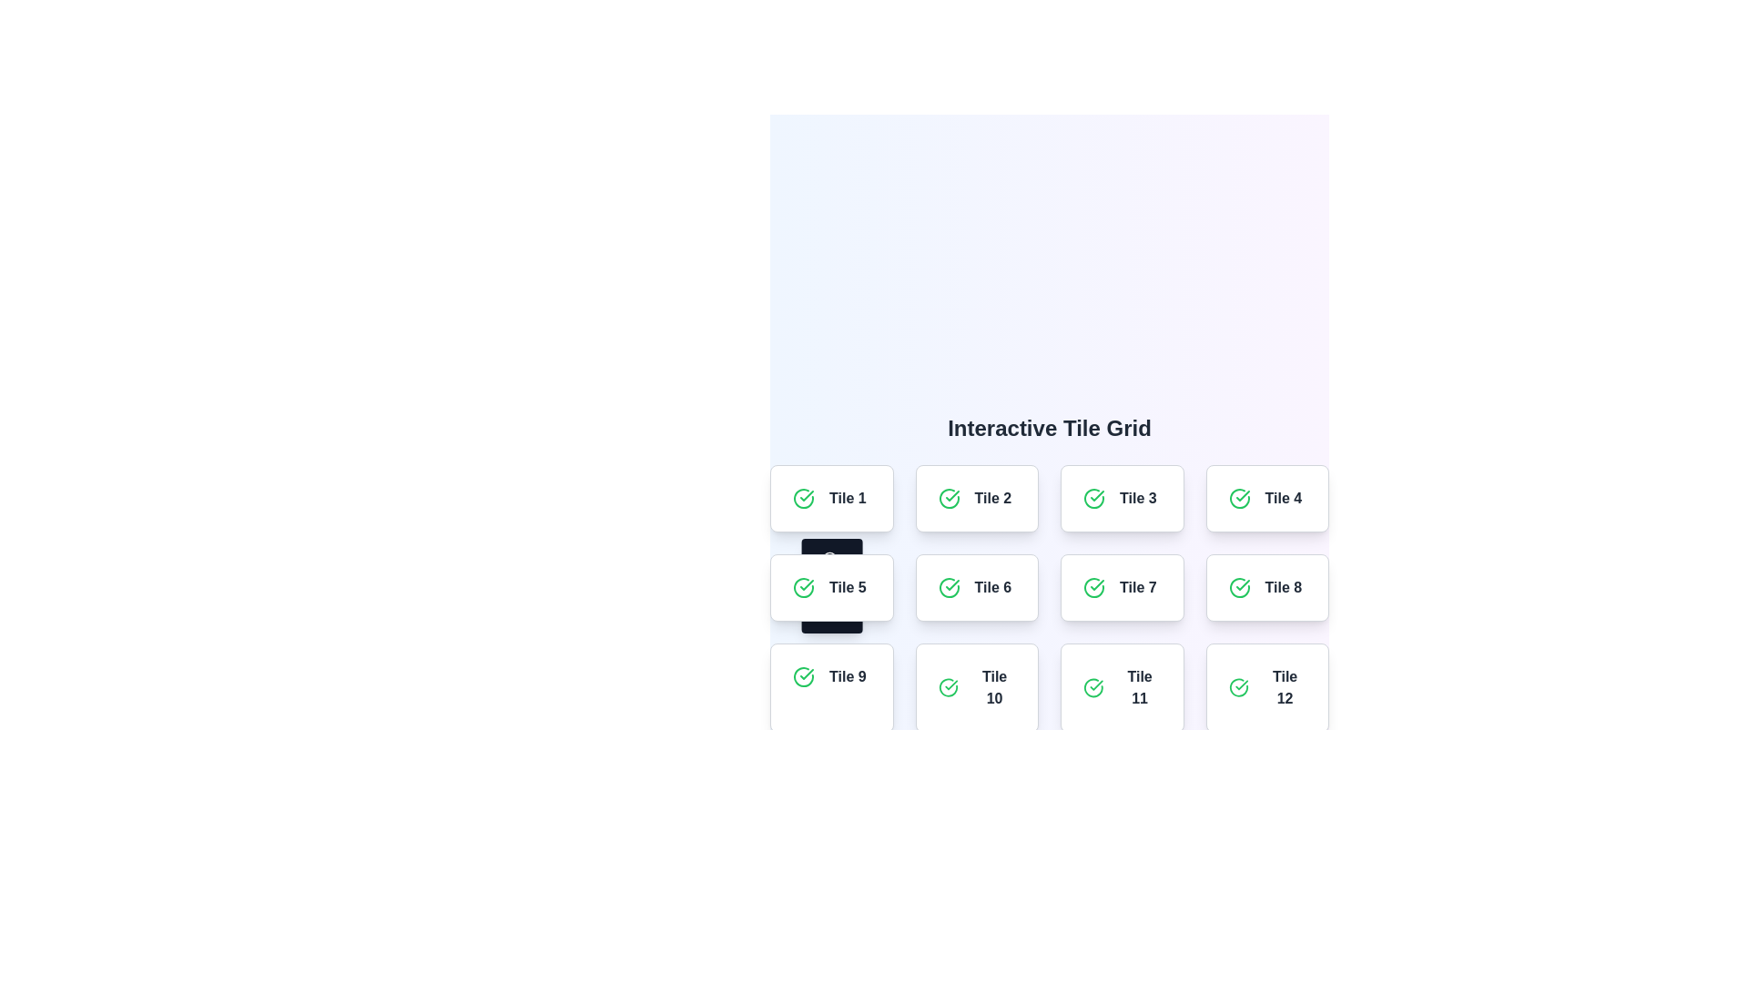 The width and height of the screenshot is (1748, 983). I want to click on the bold text 'Tile 4' in the horizontal layout of the grid item that contains a green checkmark icon, located in the second row and fourth position of the grid, so click(1266, 498).